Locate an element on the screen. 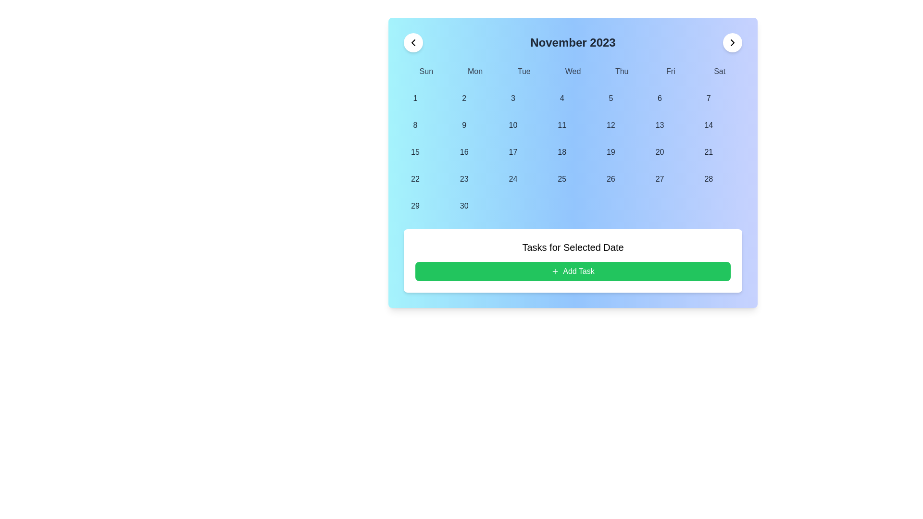 The height and width of the screenshot is (519, 923). the text label displaying 'November 2023', which is styled with a bold font and is located at the top center of the calendar interface is located at coordinates (573, 42).